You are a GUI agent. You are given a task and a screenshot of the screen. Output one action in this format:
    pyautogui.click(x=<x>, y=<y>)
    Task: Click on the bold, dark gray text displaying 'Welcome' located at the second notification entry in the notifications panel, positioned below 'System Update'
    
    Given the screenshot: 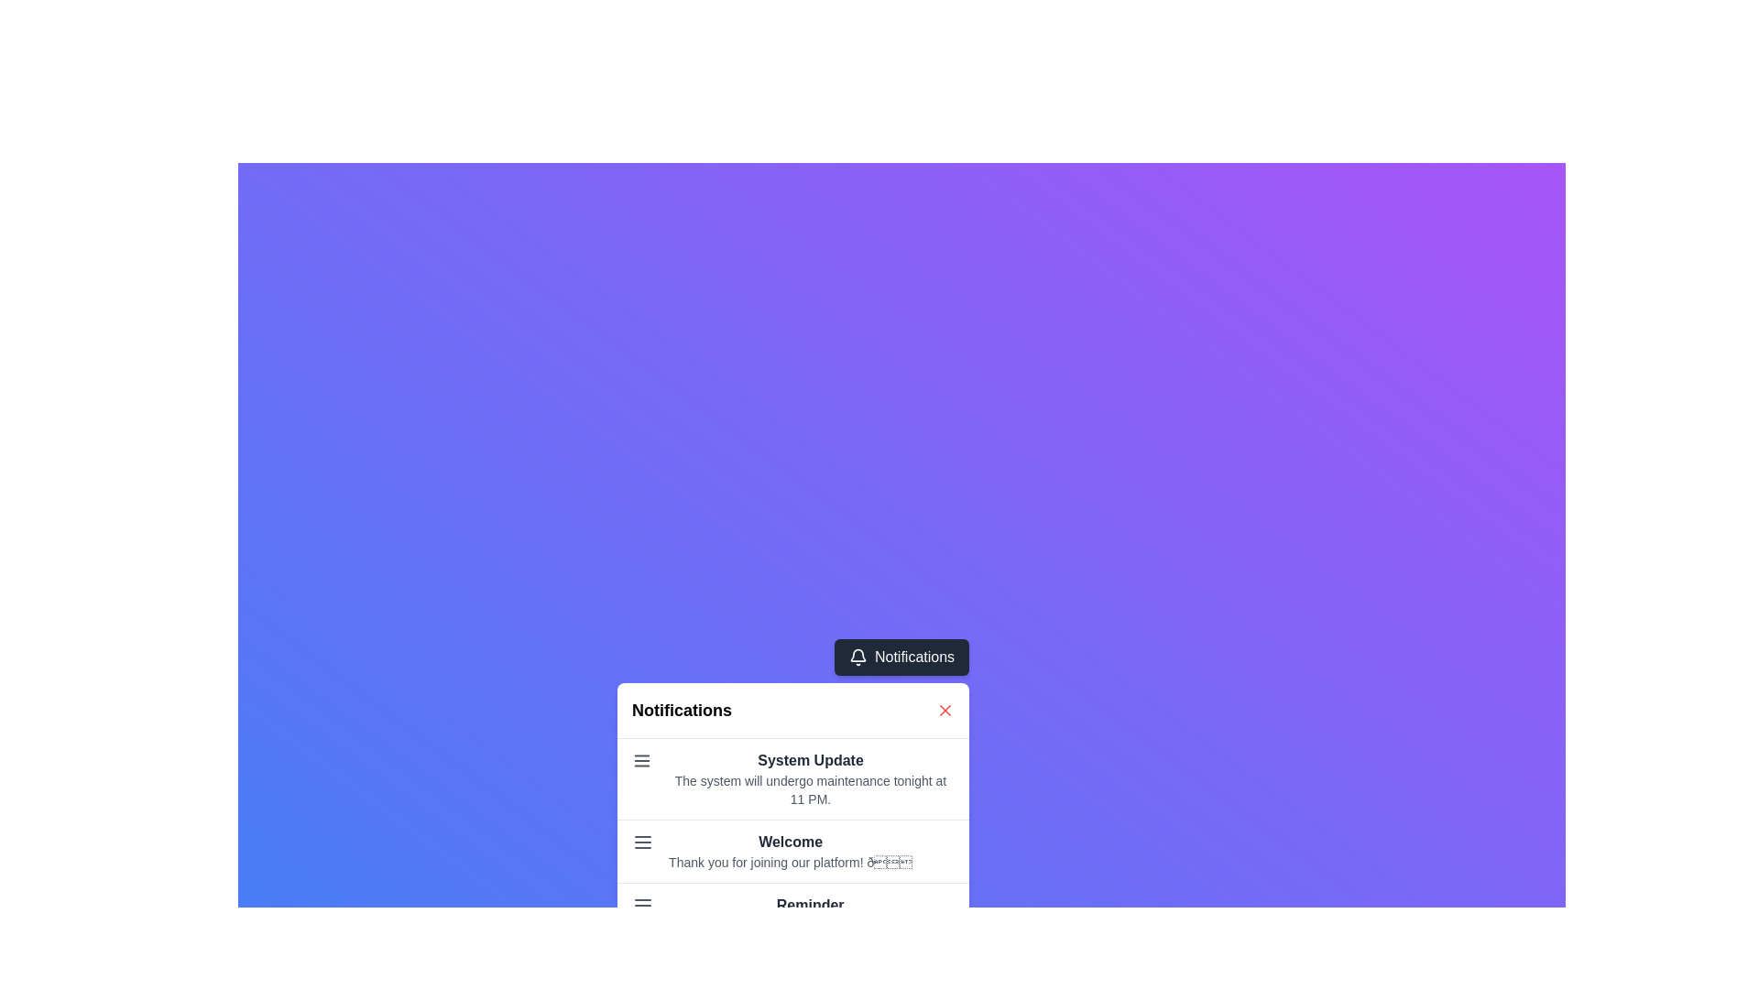 What is the action you would take?
    pyautogui.click(x=791, y=842)
    